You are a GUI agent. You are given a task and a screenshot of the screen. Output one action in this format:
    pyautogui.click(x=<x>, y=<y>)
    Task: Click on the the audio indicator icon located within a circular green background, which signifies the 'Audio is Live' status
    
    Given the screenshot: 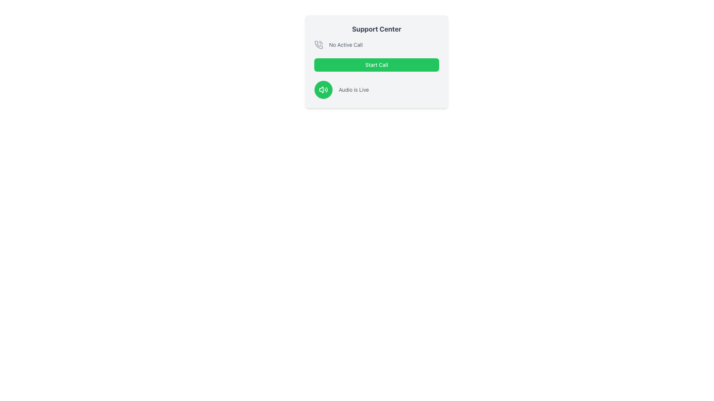 What is the action you would take?
    pyautogui.click(x=323, y=89)
    